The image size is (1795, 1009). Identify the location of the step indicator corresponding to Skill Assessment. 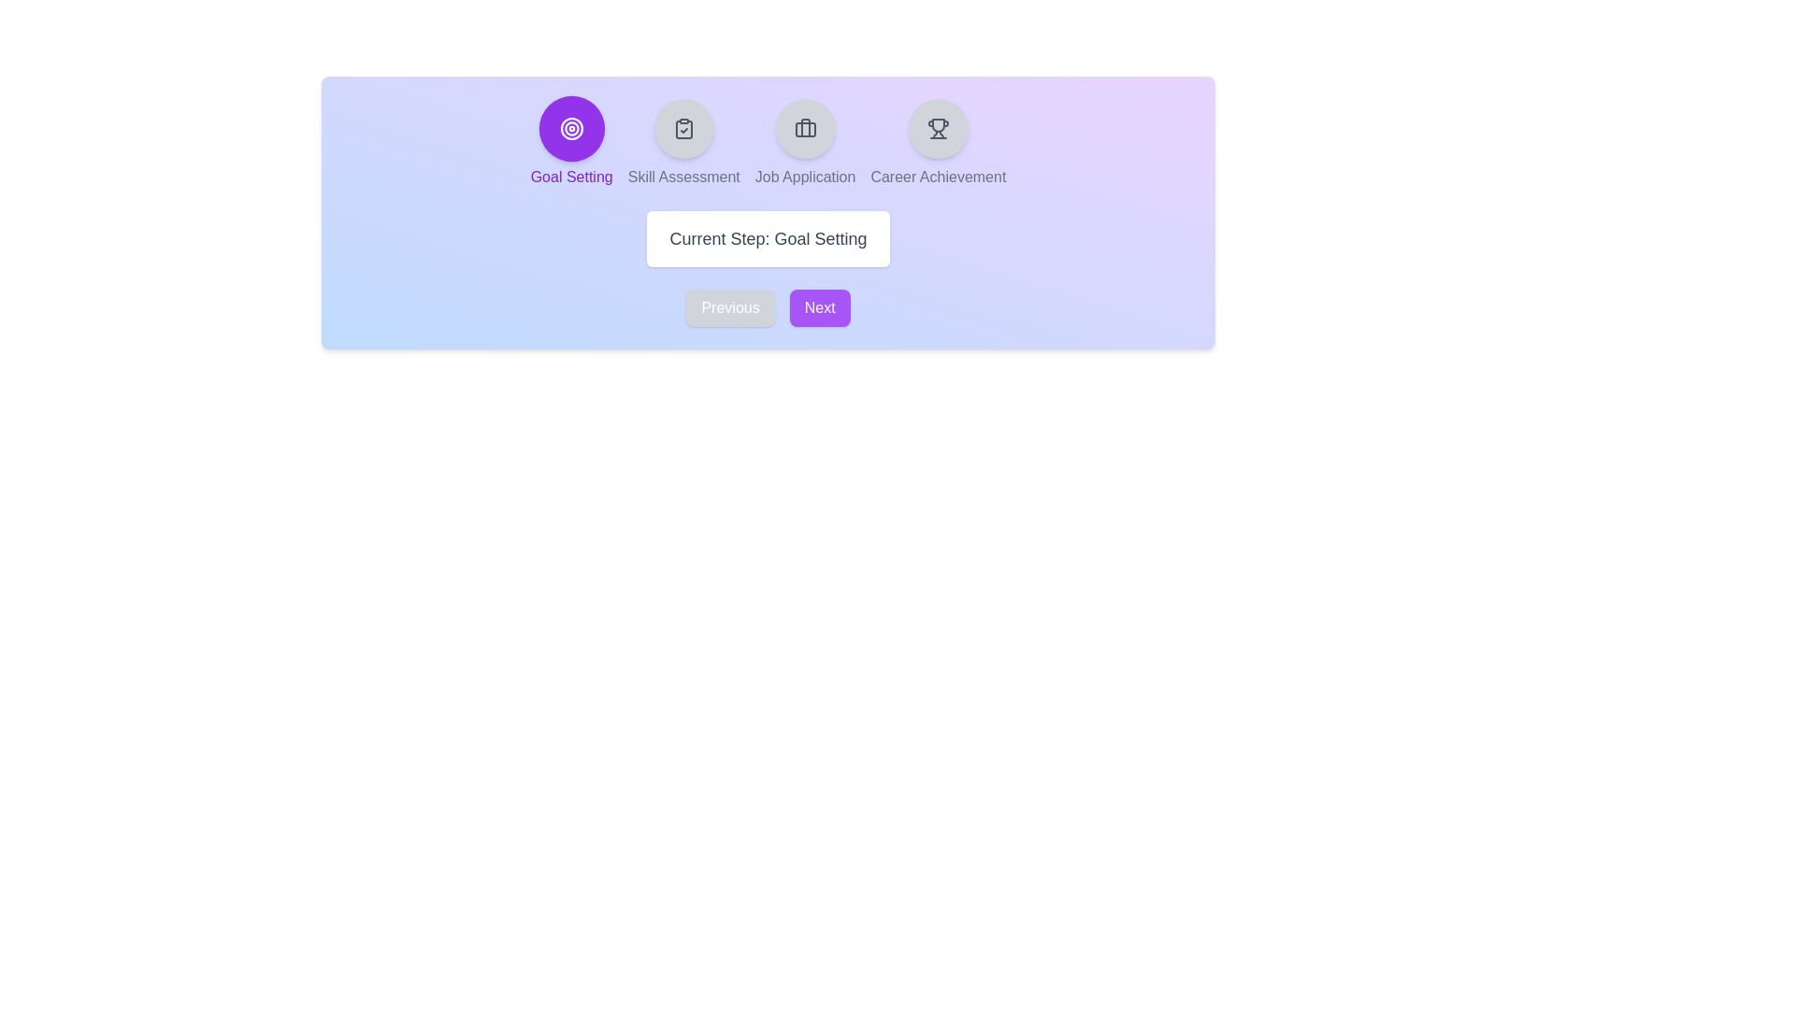
(682, 128).